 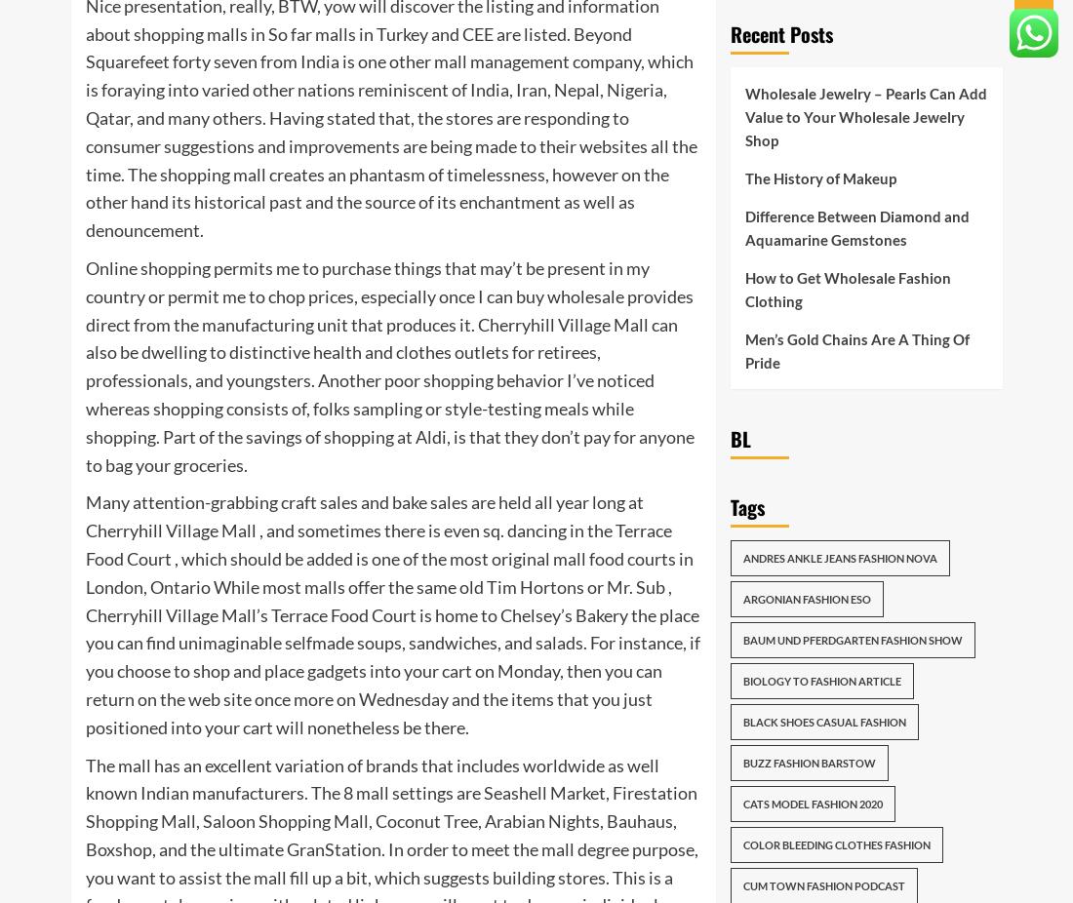 I want to click on 'Wholesale Jewelry – Pearls Can Add Value to Your Wholesale Jewelry Shop', so click(x=864, y=116).